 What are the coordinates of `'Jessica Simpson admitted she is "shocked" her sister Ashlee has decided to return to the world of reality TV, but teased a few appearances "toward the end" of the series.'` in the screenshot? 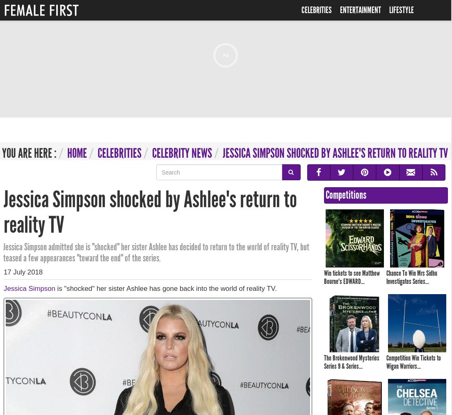 It's located at (155, 252).